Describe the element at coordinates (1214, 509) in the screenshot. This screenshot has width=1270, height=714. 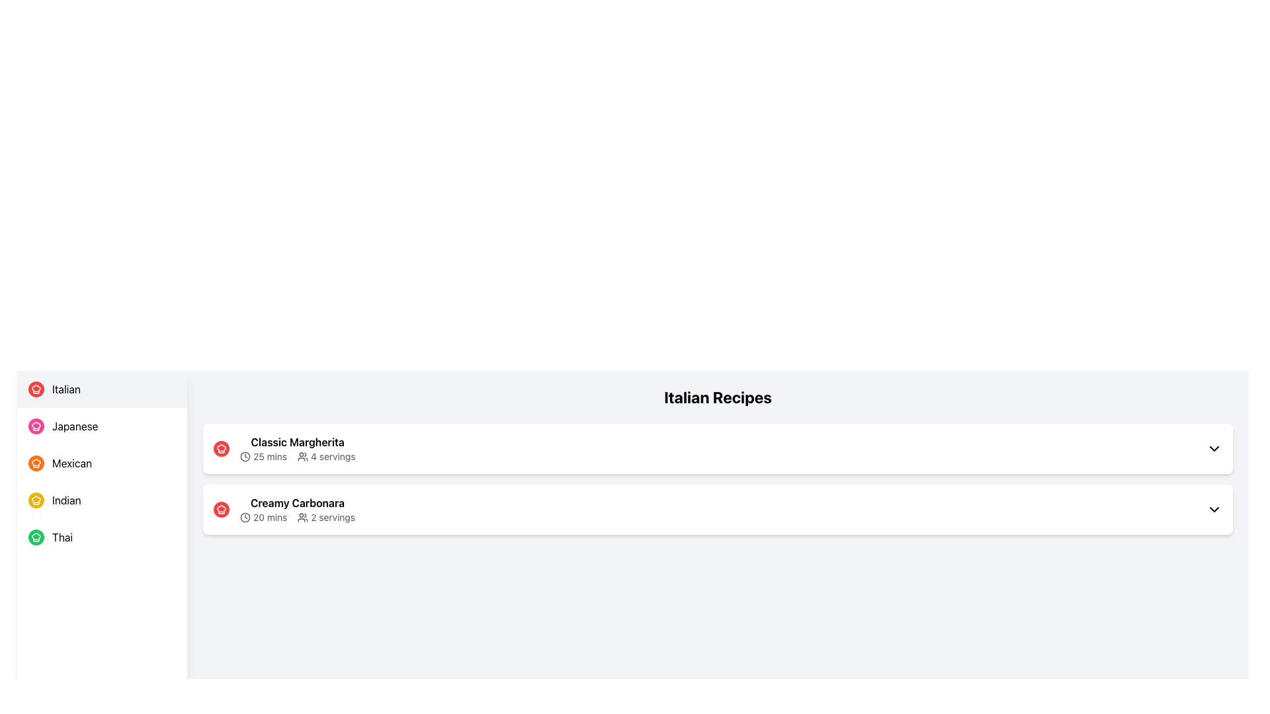
I see `the chevron down icon located on the far right of the 'Creamy Carbonara' section` at that location.